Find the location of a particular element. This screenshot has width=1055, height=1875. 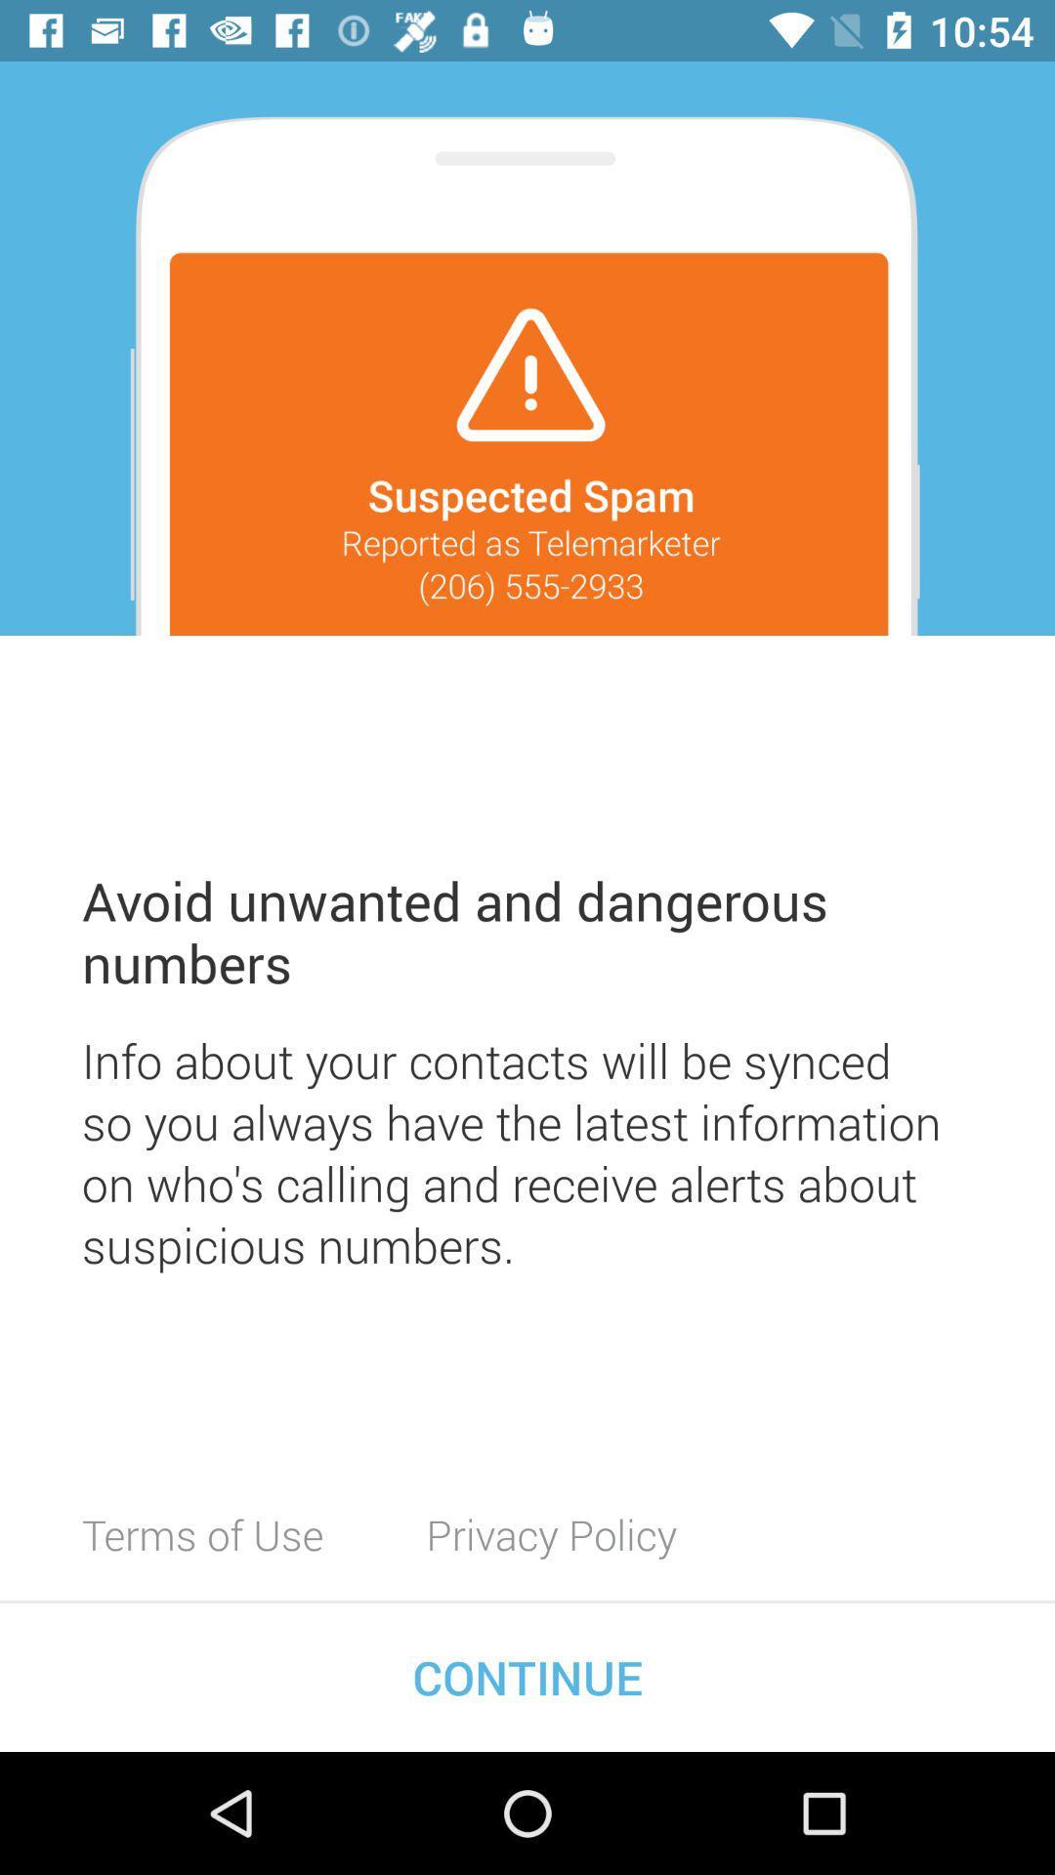

the item next to the terms of use is located at coordinates (551, 1533).